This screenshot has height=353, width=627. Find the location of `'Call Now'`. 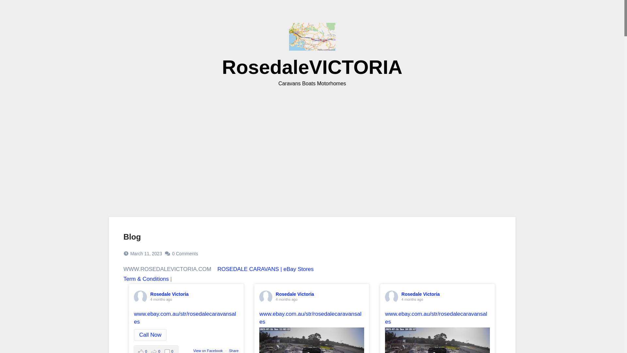

'Call Now' is located at coordinates (150, 335).